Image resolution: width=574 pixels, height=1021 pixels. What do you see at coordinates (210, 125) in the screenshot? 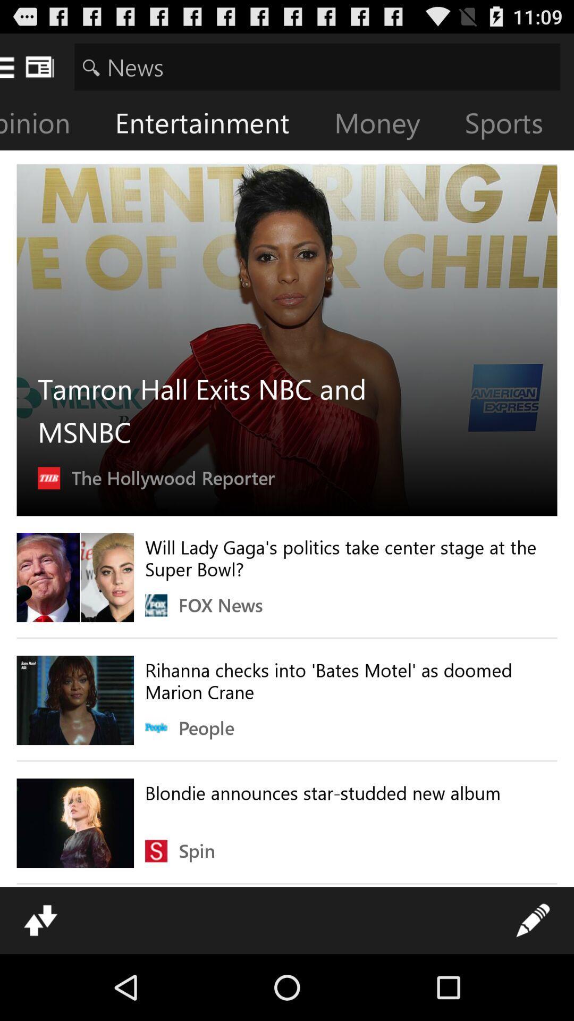
I see `entertainment` at bounding box center [210, 125].